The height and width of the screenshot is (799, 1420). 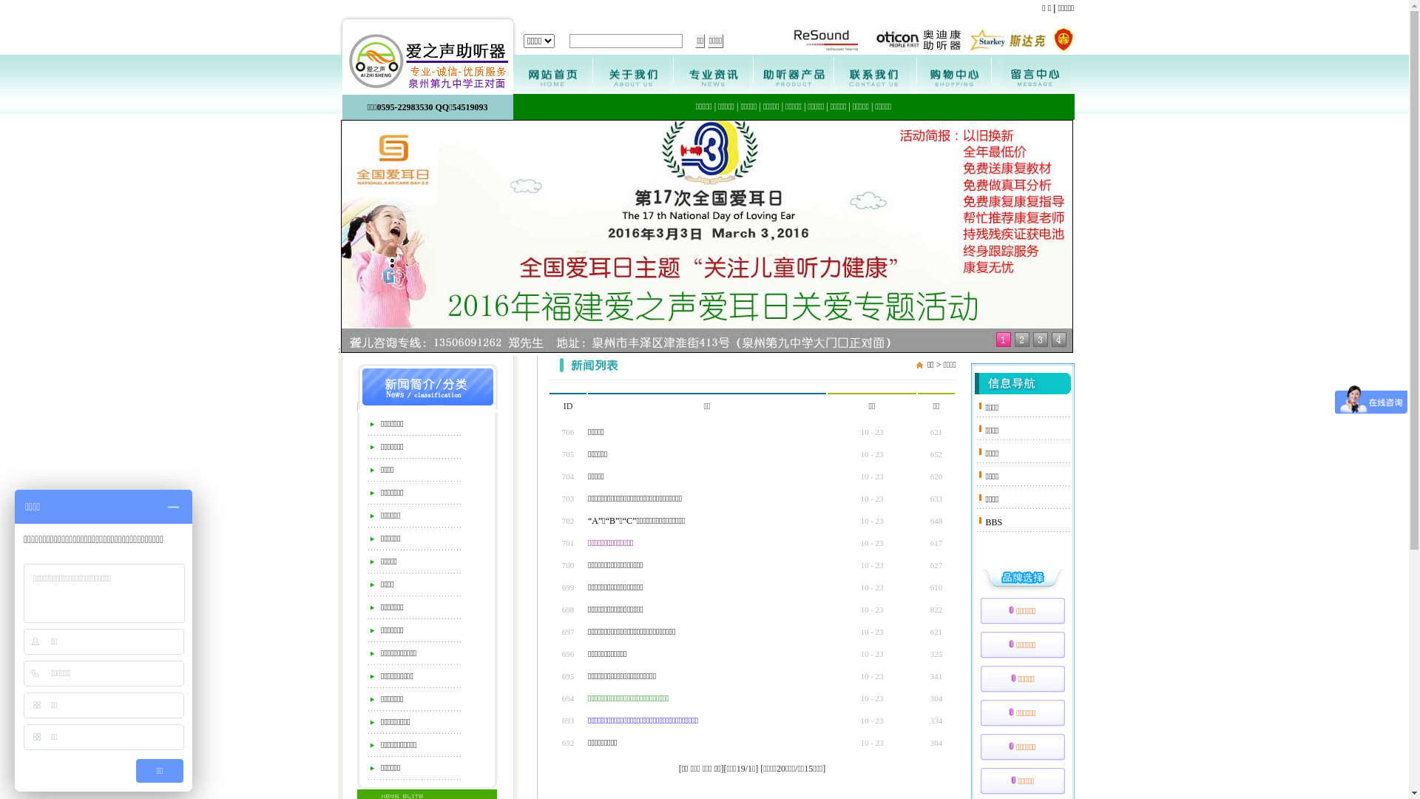 What do you see at coordinates (993, 521) in the screenshot?
I see `'BBS'` at bounding box center [993, 521].